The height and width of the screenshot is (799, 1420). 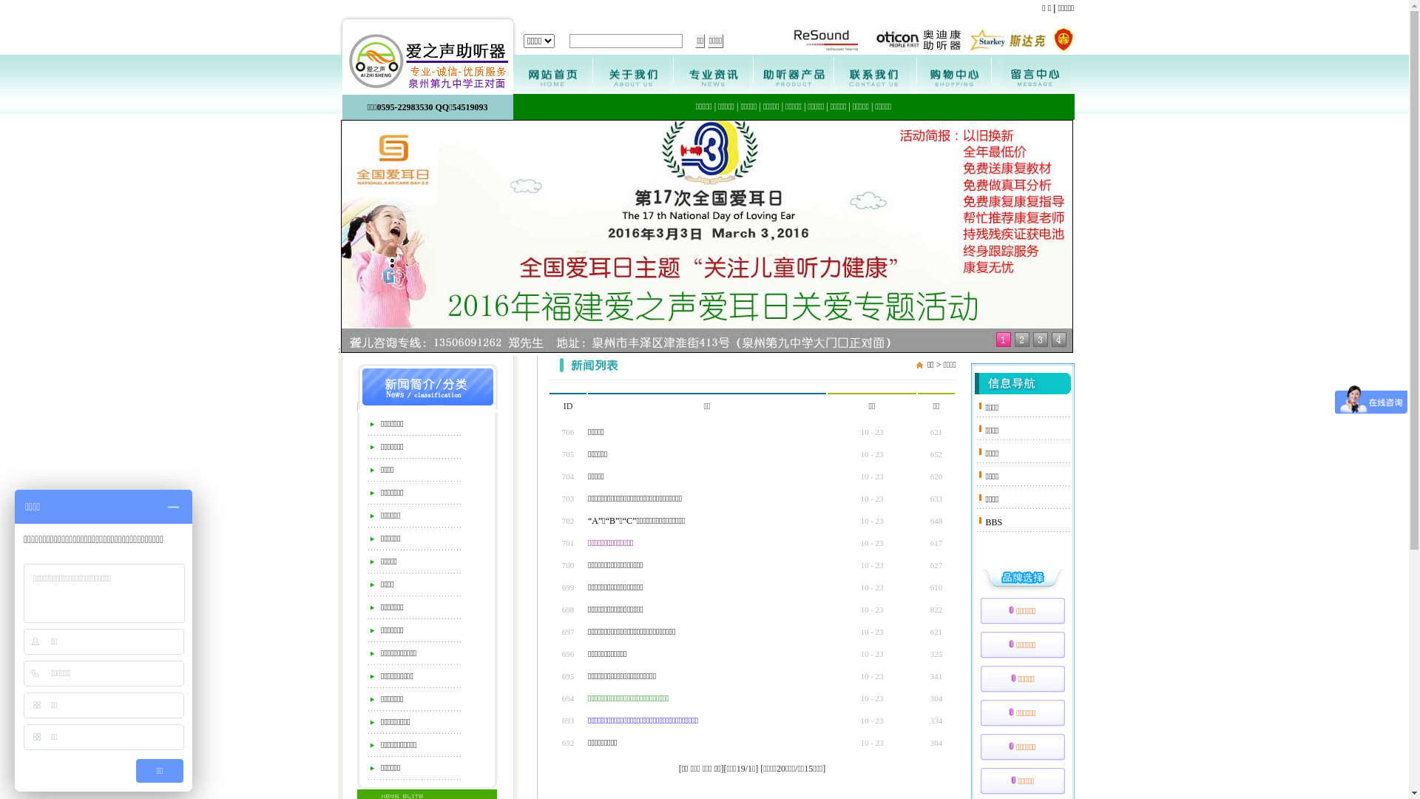 What do you see at coordinates (993, 521) in the screenshot?
I see `'BBS'` at bounding box center [993, 521].